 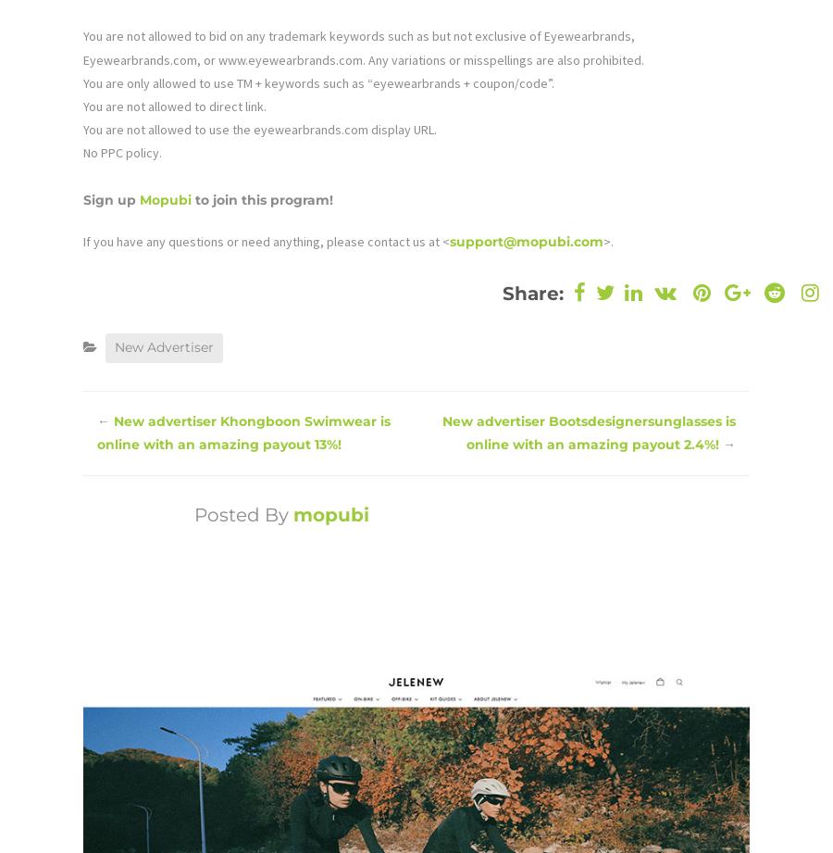 What do you see at coordinates (175, 107) in the screenshot?
I see `'You are not allowed to direct link.'` at bounding box center [175, 107].